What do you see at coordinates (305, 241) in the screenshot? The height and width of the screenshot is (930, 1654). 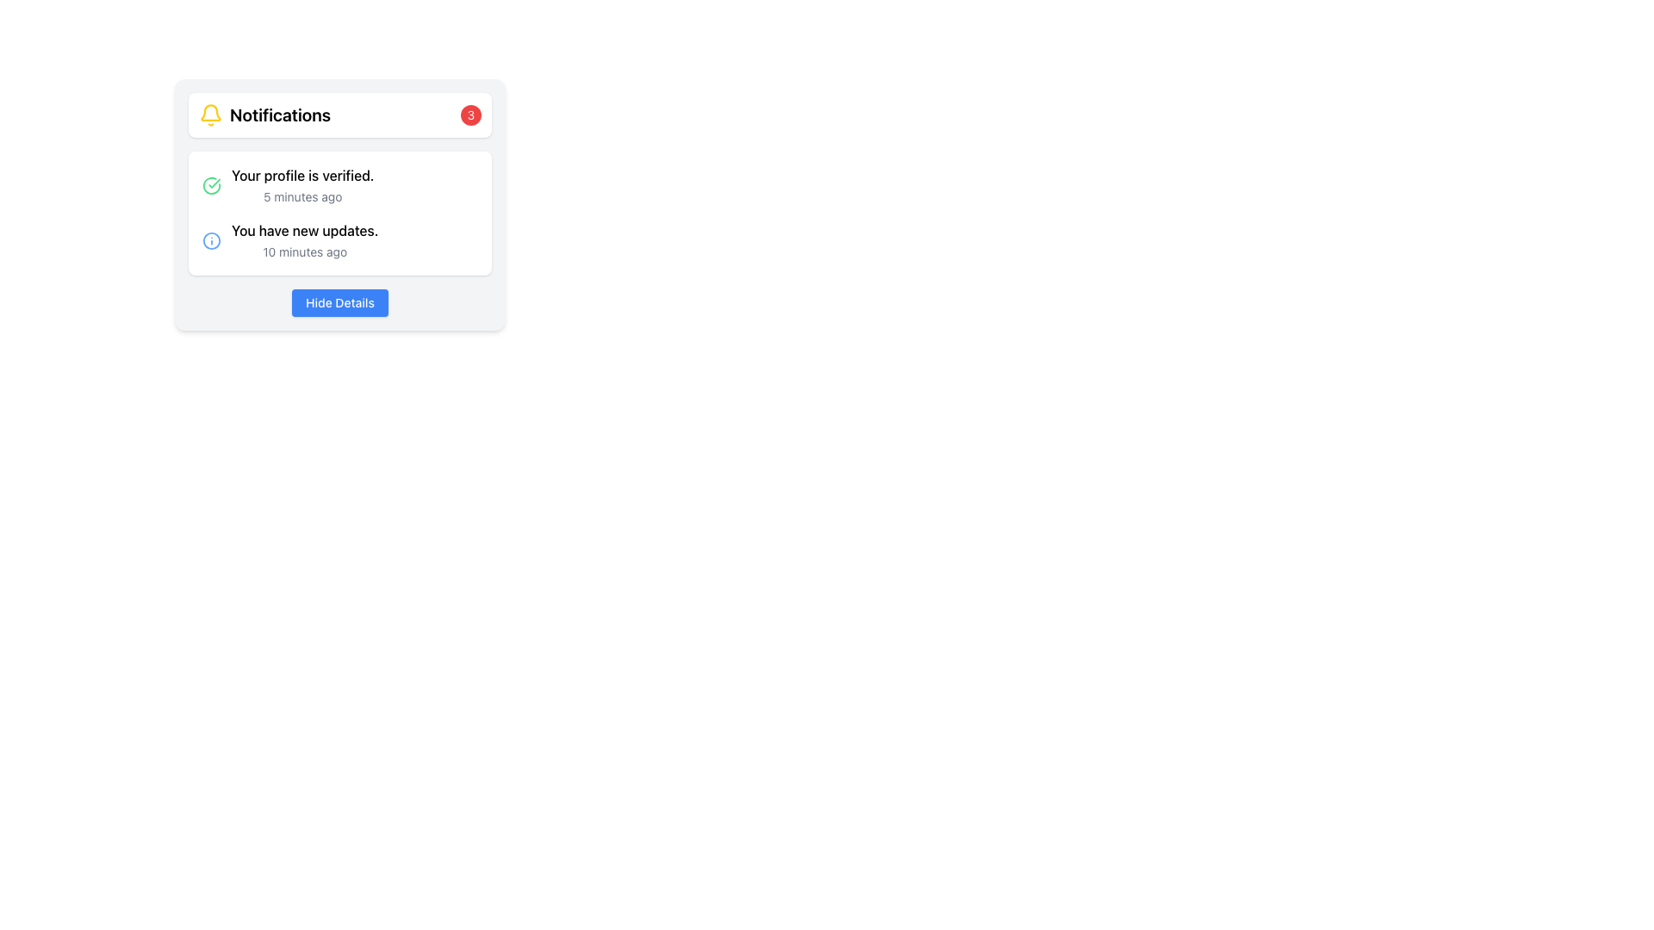 I see `the Notification Text Block that reads 'You have new updates.'` at bounding box center [305, 241].